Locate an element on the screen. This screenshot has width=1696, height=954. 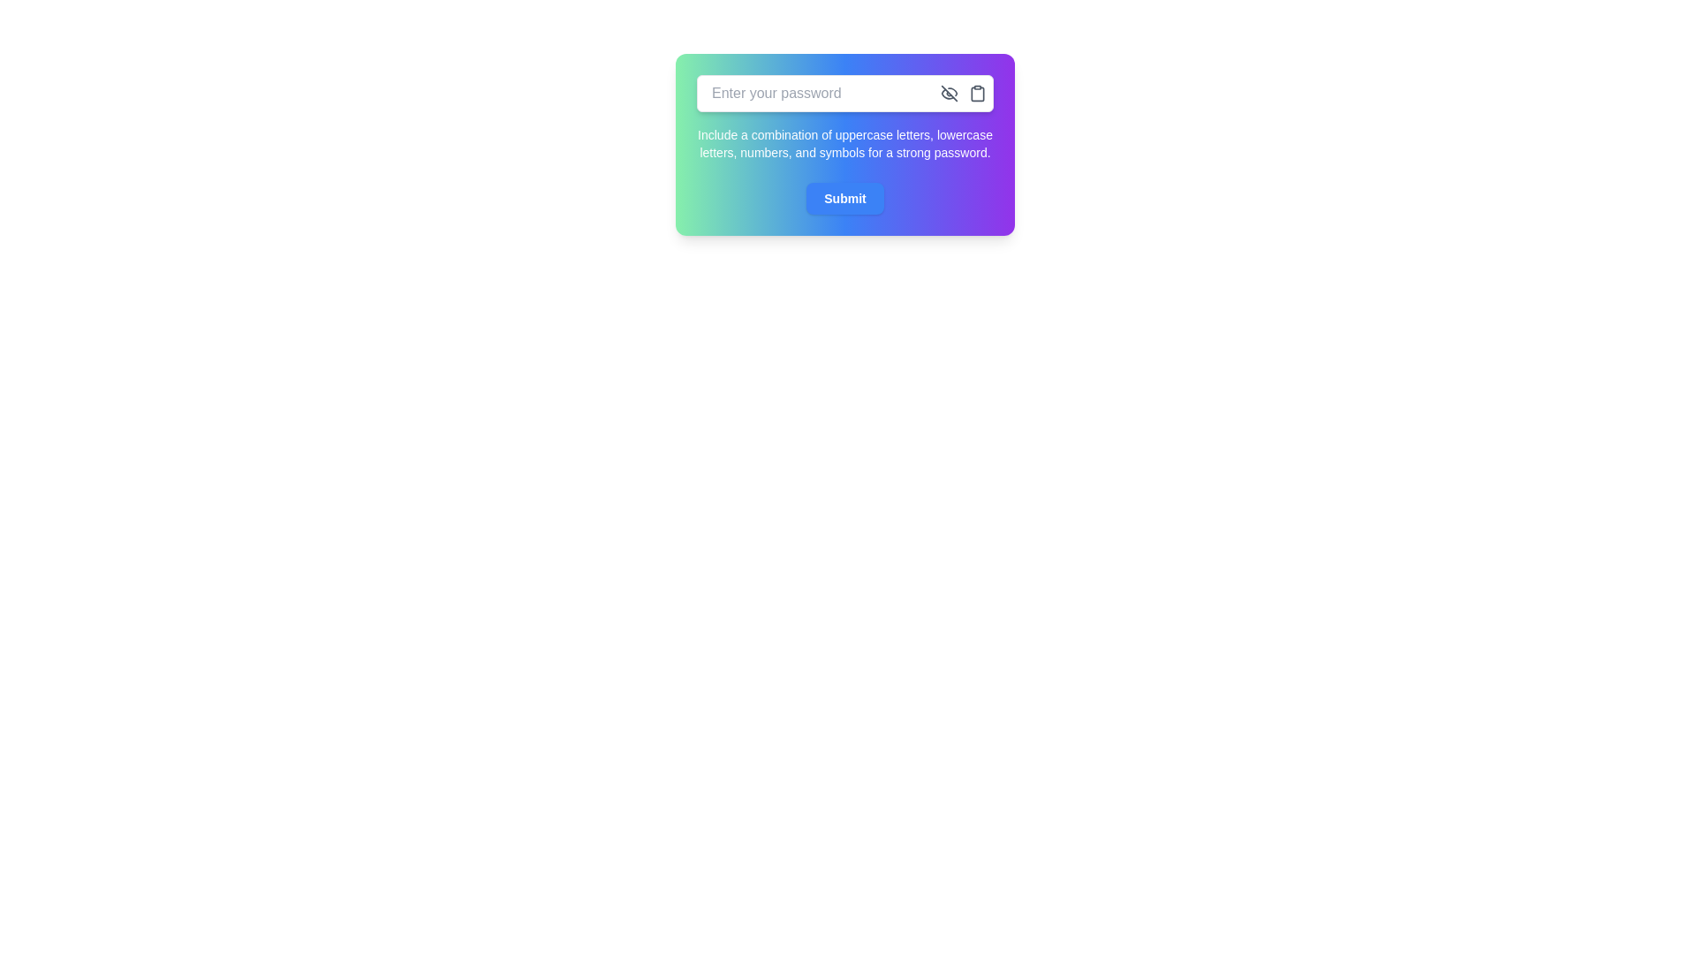
text content of the Text block displaying a multicolored gradient background, which suggests using a combination of uppercase and lowercase letters, numbers, and symbols for generating a strong password is located at coordinates (844, 144).